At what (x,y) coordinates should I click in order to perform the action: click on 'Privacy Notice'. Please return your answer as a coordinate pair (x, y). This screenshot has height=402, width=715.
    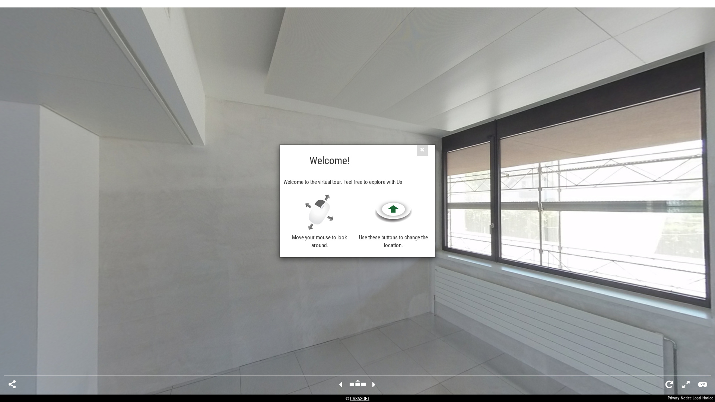
    Looking at the image, I should click on (679, 398).